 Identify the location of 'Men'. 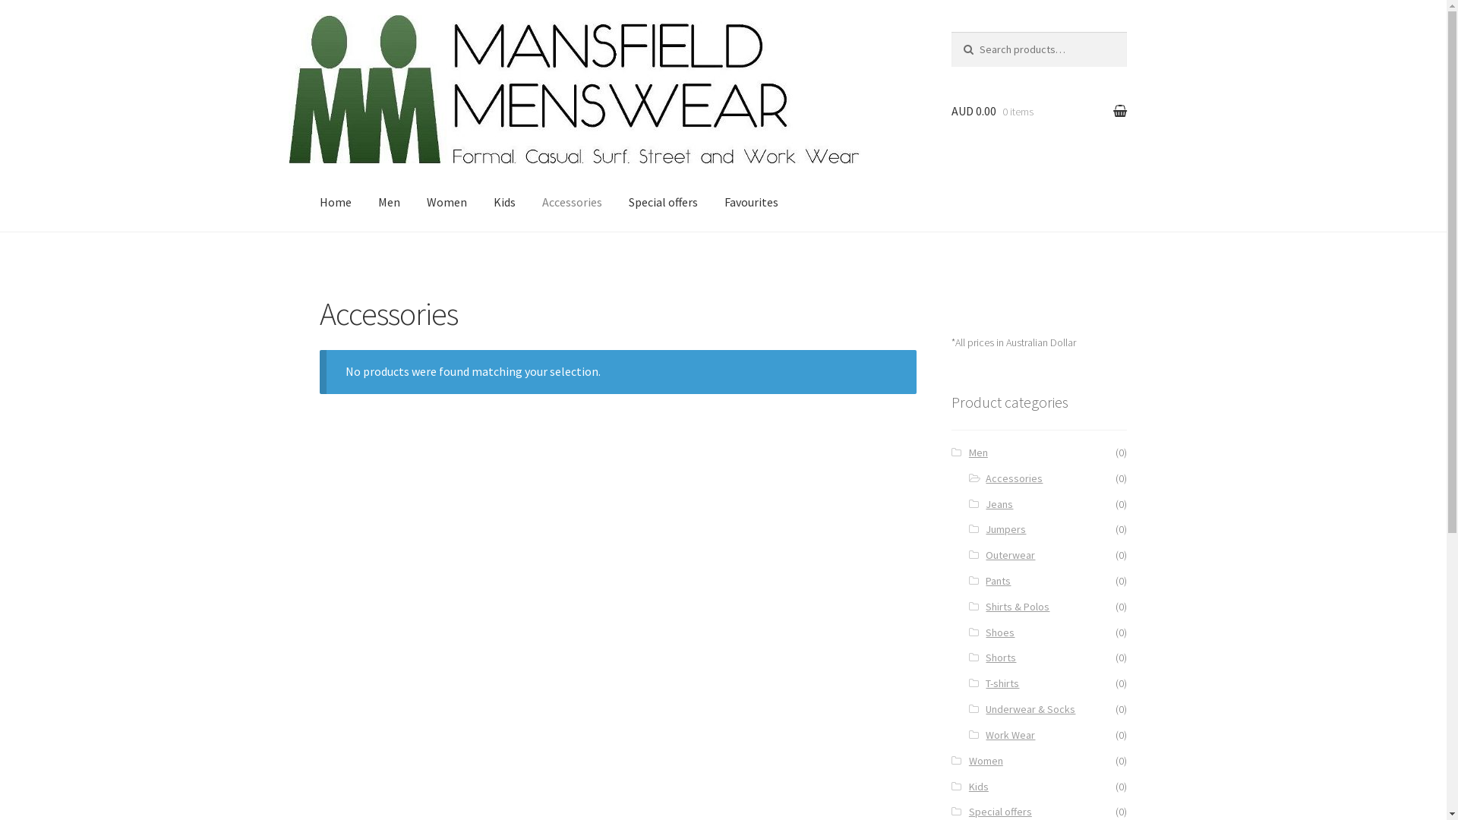
(978, 452).